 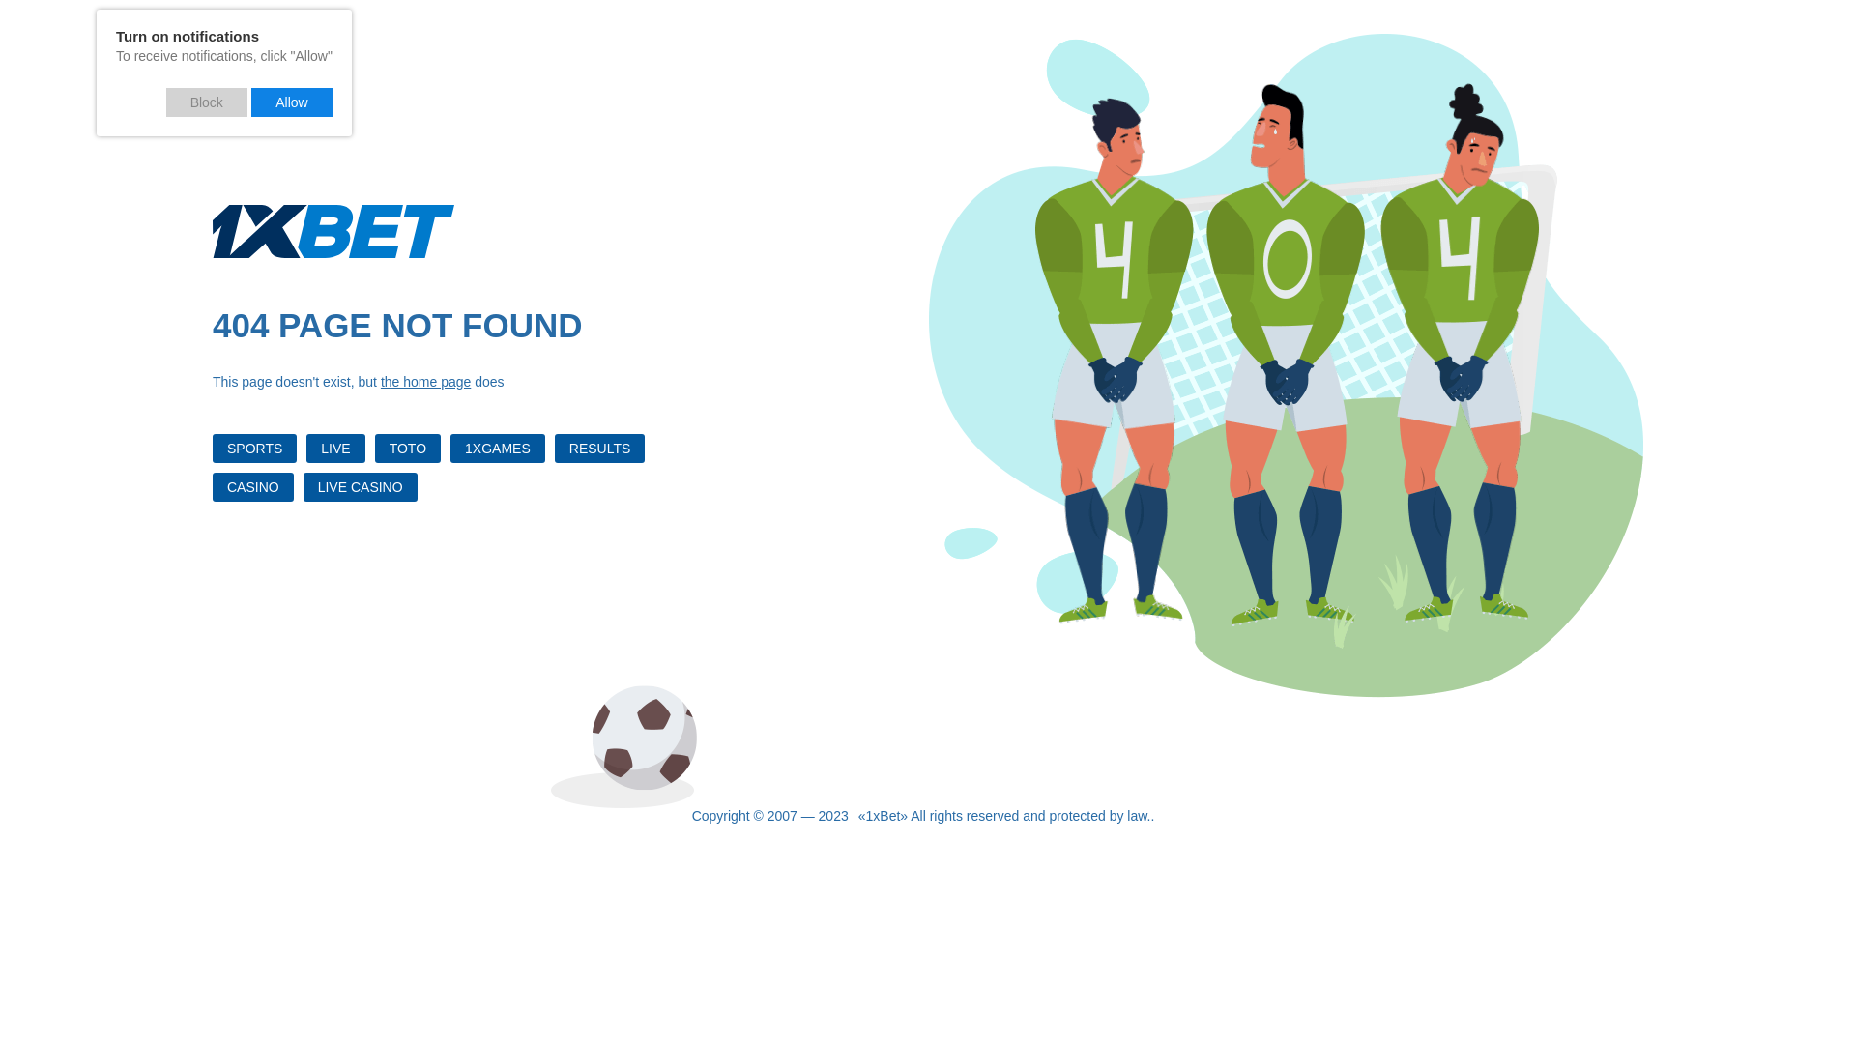 What do you see at coordinates (334, 448) in the screenshot?
I see `'LIVE'` at bounding box center [334, 448].